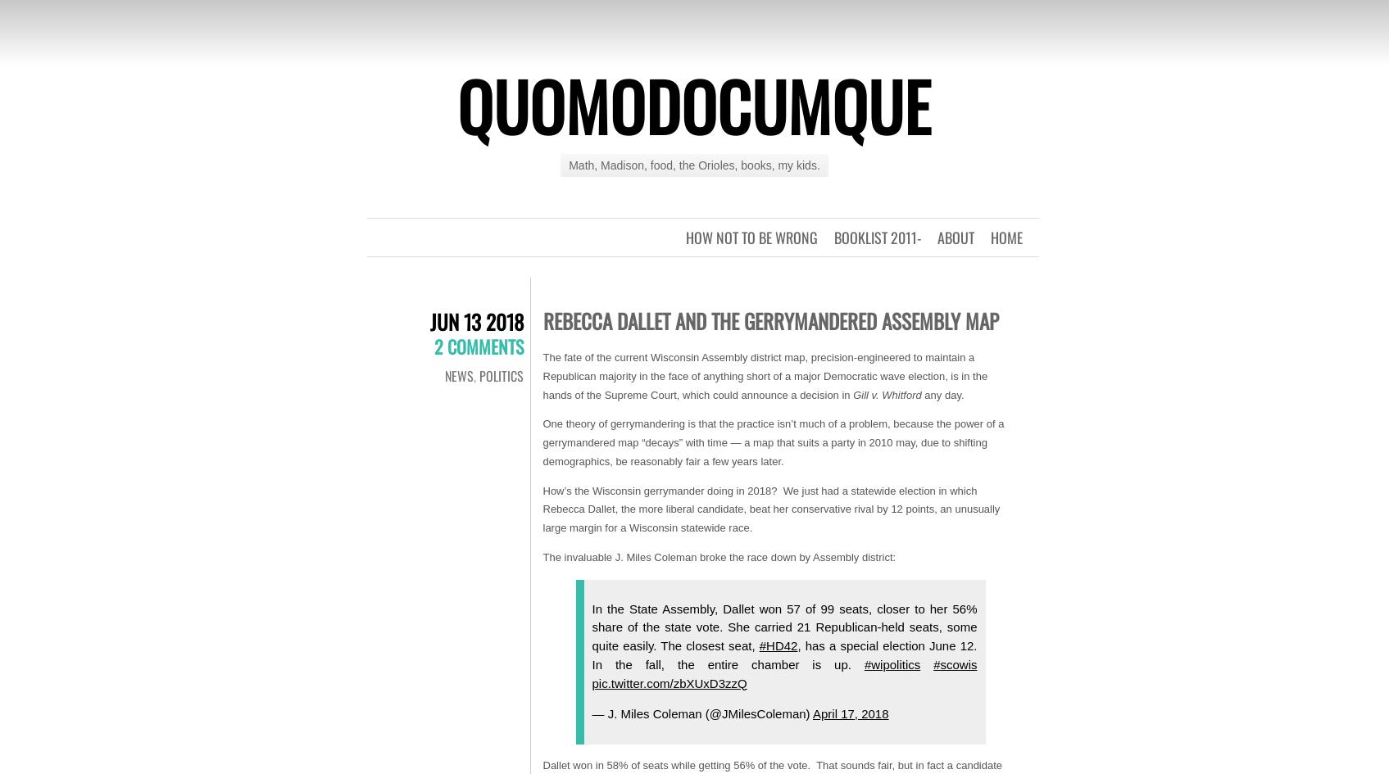  What do you see at coordinates (771, 508) in the screenshot?
I see `'How’s the Wisconsin gerrymander doing in 2018?  We just had a statewide election in which Rebecca Dallet, the more liberal candidate, beat her conservative rival by 12 points, an unusually large margin for a Wisconsin statewide race.'` at bounding box center [771, 508].